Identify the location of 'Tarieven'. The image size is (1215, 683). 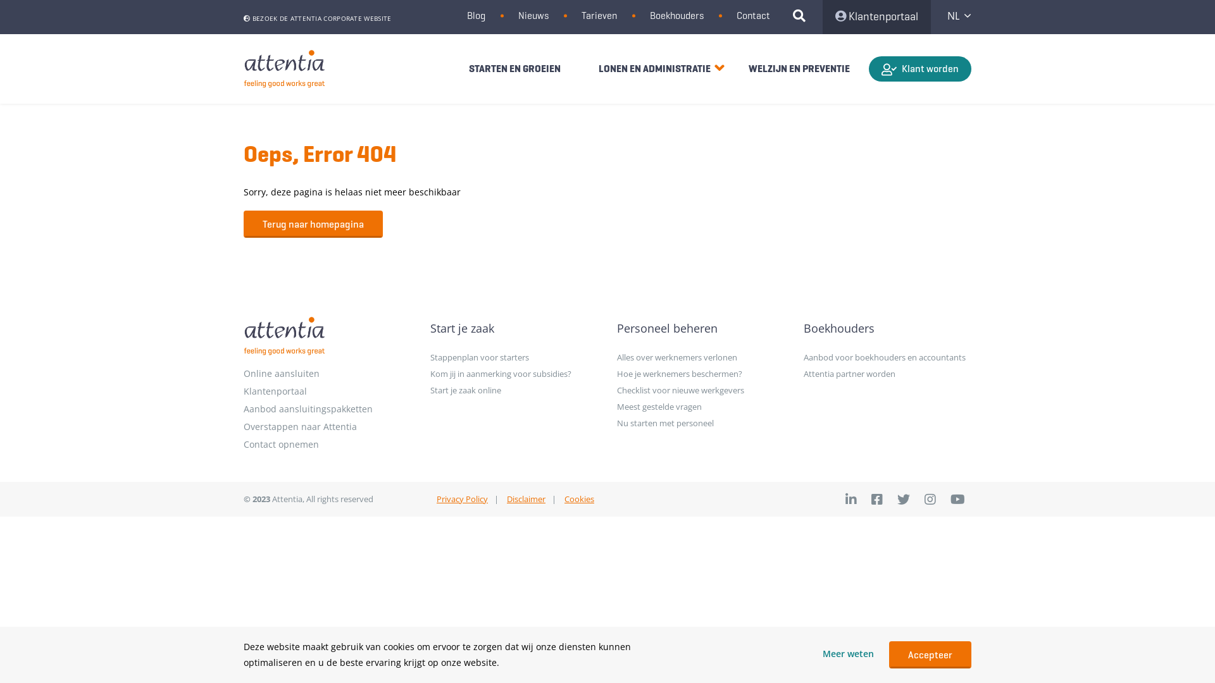
(598, 15).